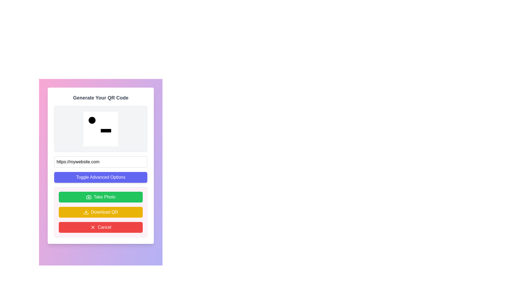 The image size is (520, 292). What do you see at coordinates (93, 227) in the screenshot?
I see `the small cross icon located on the left side of the 'Cancel' button, which has a gray color on a red background` at bounding box center [93, 227].